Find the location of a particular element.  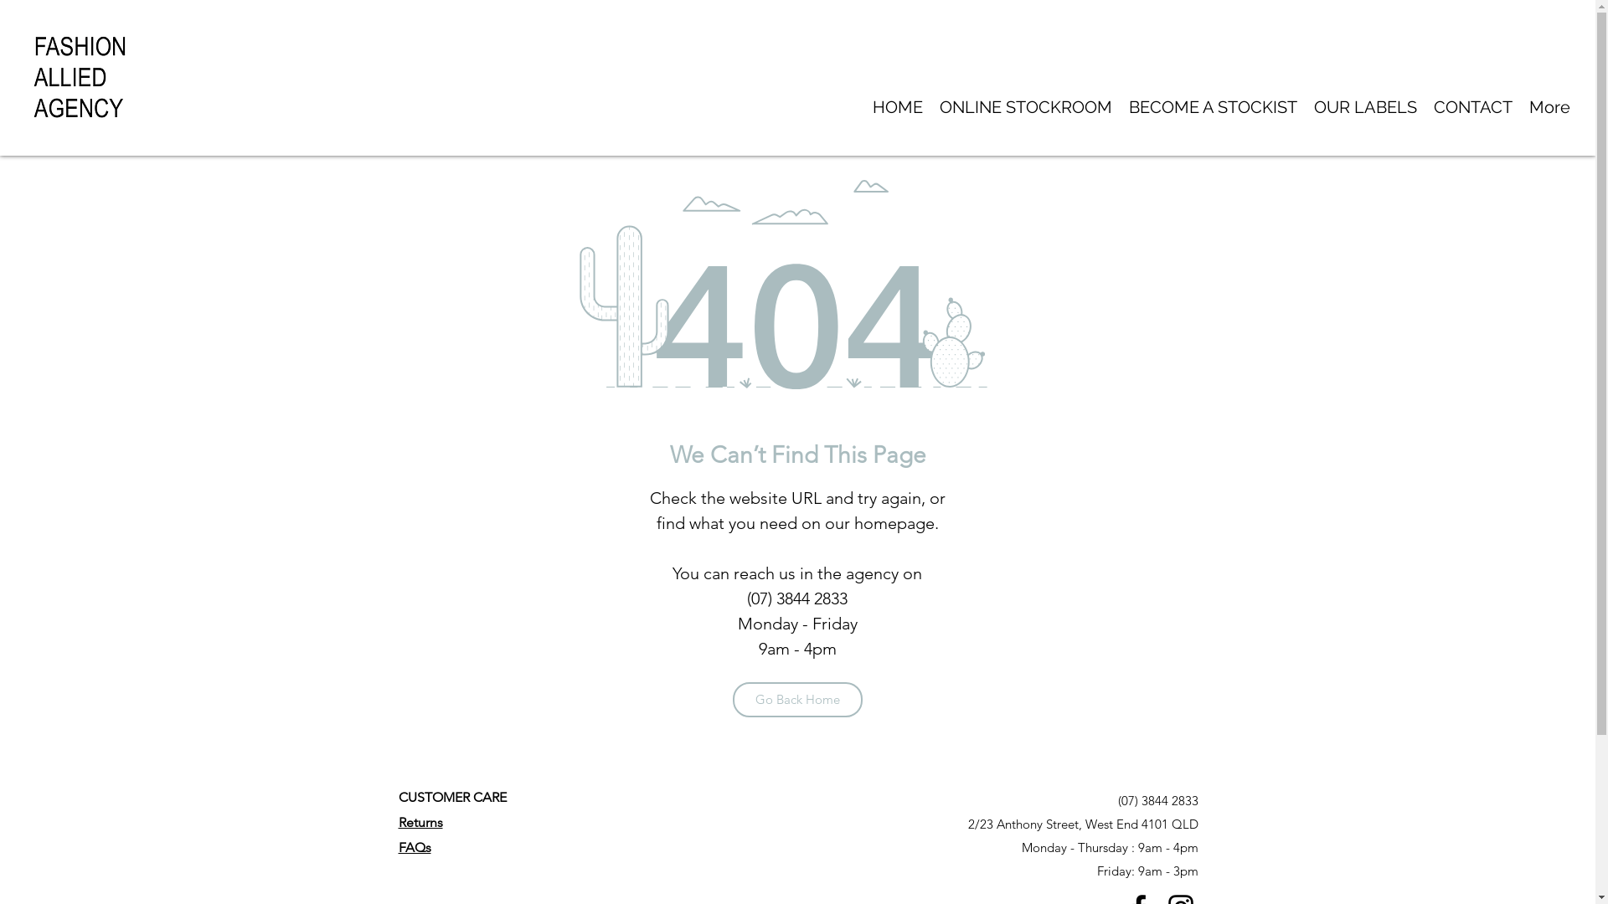

'ONLINE STOCKROOM' is located at coordinates (1024, 107).